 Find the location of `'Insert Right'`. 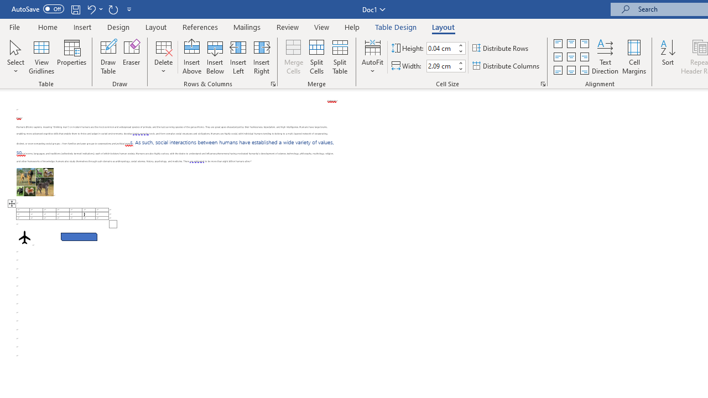

'Insert Right' is located at coordinates (261, 57).